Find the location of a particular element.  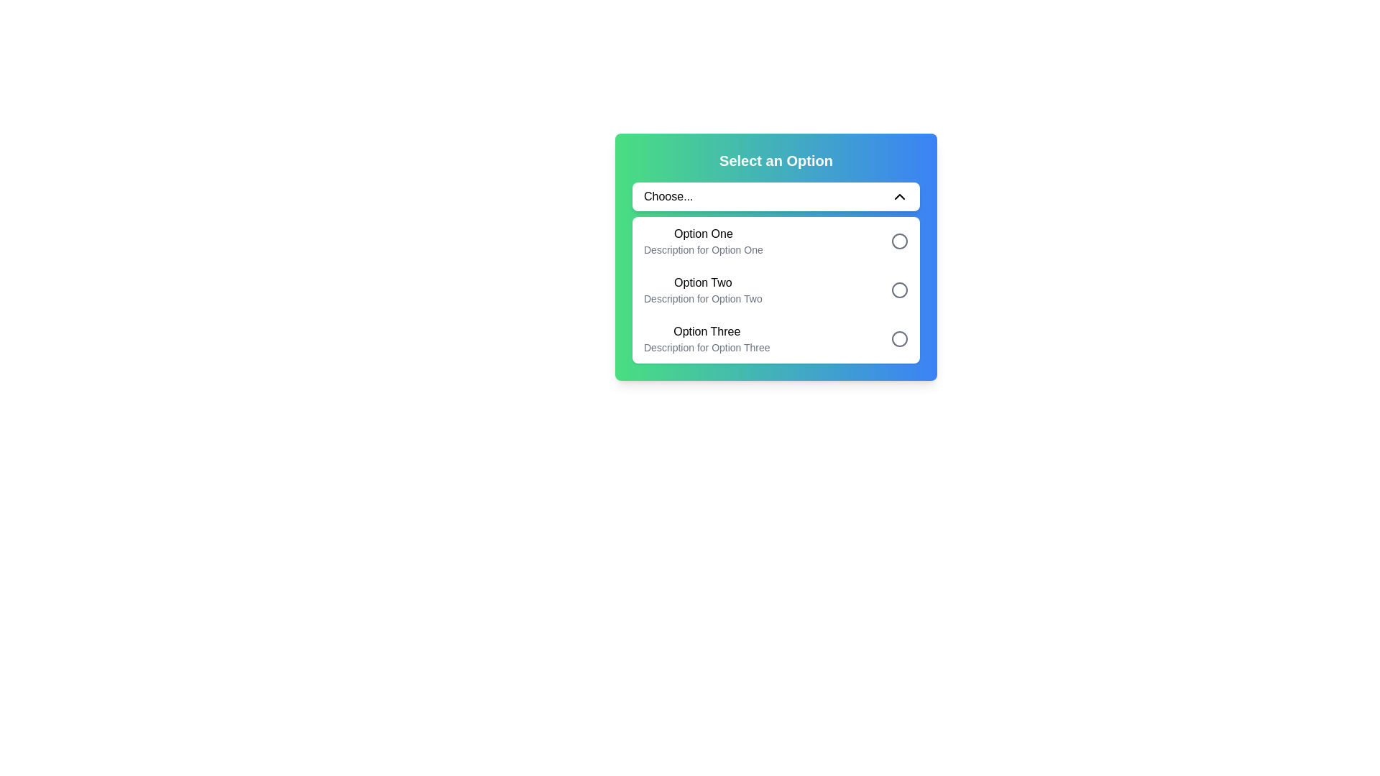

to select the third item in the dropdown menu labeled 'Select an Option', which is marked by the descriptive text 'Description for Option Three' is located at coordinates (707, 332).